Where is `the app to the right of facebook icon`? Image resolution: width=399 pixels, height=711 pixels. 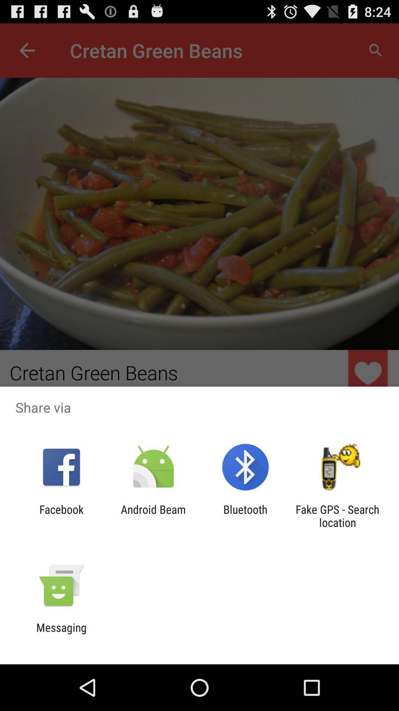
the app to the right of facebook icon is located at coordinates (153, 515).